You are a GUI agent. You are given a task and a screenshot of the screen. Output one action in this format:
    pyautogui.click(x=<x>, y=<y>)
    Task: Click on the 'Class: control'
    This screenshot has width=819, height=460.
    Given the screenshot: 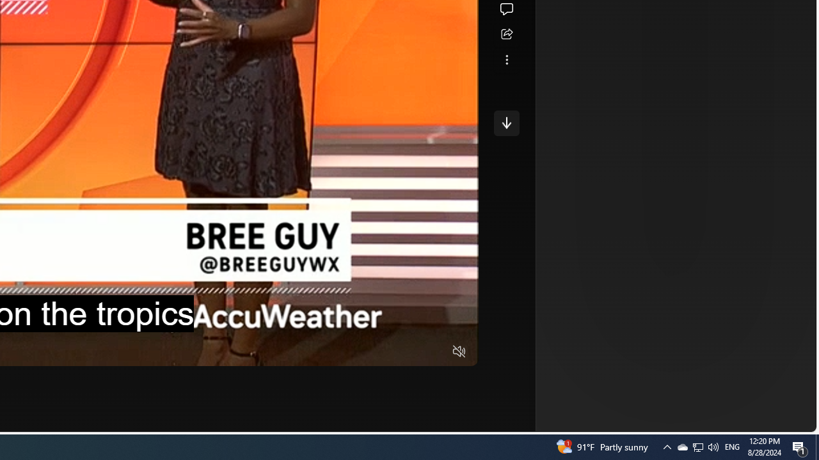 What is the action you would take?
    pyautogui.click(x=505, y=123)
    